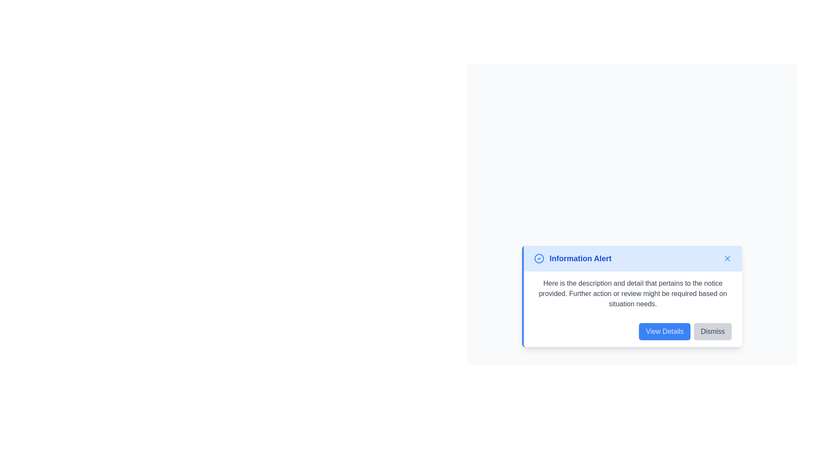 The image size is (825, 464). I want to click on the decorative SVG circle in the top-left corner of the notification alert icon, so click(538, 258).